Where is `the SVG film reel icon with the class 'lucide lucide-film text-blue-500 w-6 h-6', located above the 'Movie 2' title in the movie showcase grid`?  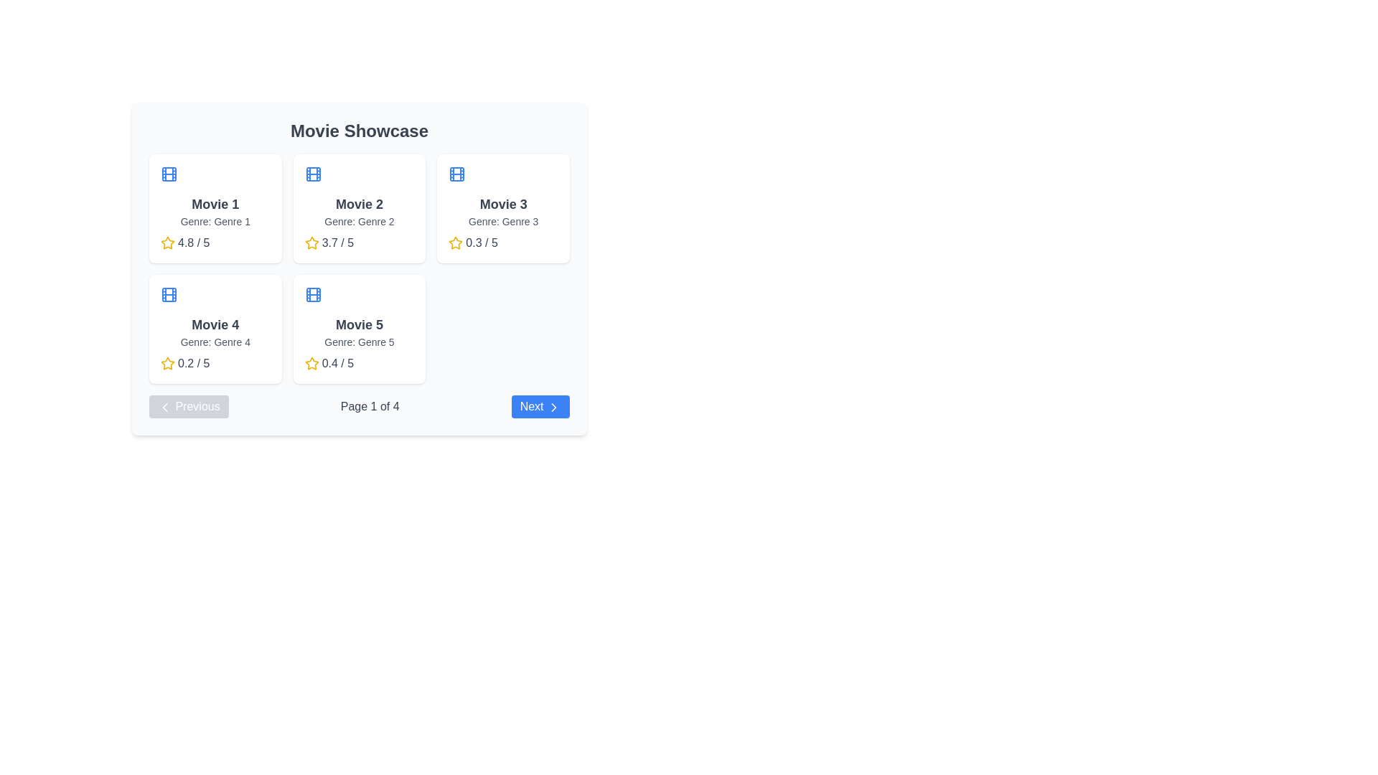 the SVG film reel icon with the class 'lucide lucide-film text-blue-500 w-6 h-6', located above the 'Movie 2' title in the movie showcase grid is located at coordinates (312, 174).